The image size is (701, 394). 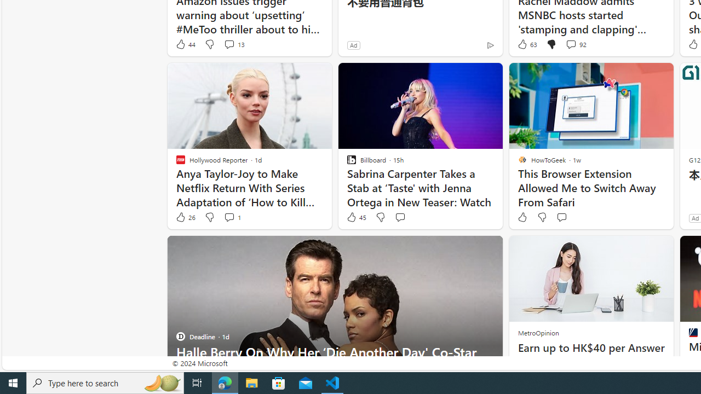 I want to click on 'View comments 92 Comment', so click(x=570, y=44).